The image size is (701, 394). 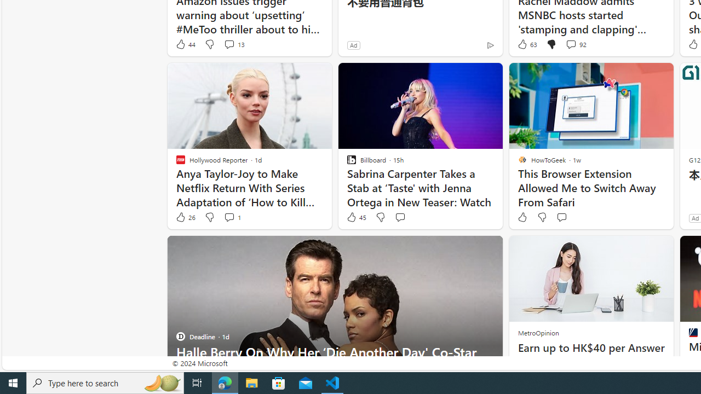 I want to click on 'View comments 92 Comment', so click(x=570, y=44).